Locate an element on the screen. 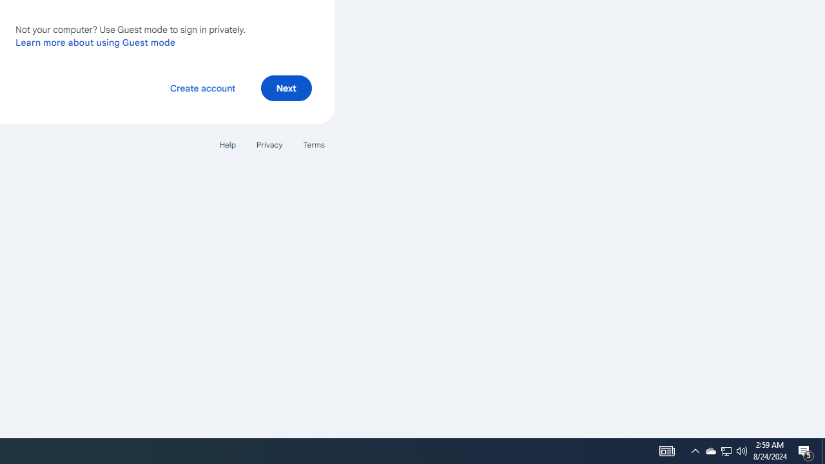  'Next' is located at coordinates (286, 87).